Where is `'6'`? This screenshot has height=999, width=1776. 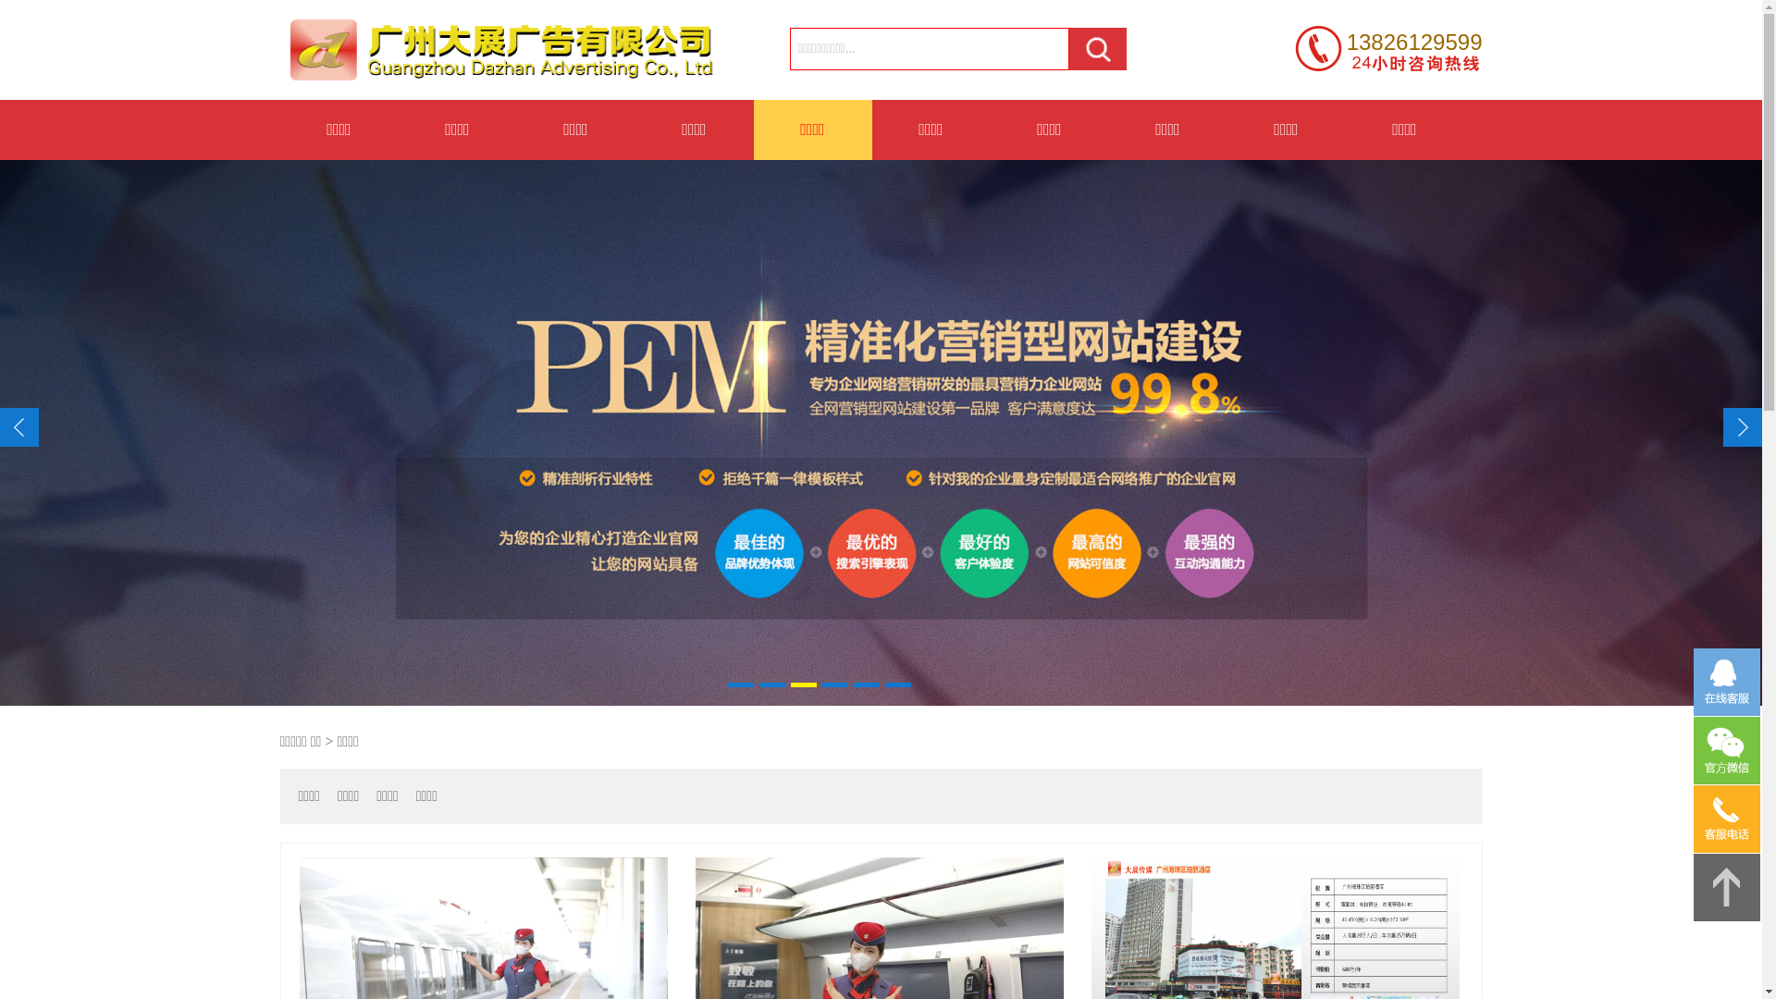
'6' is located at coordinates (897, 684).